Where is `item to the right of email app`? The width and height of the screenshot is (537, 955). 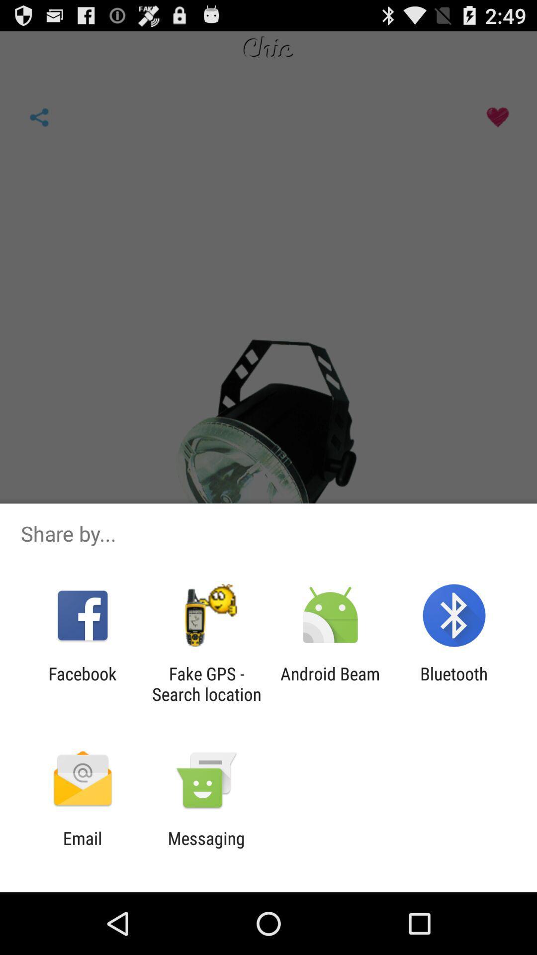 item to the right of email app is located at coordinates (206, 848).